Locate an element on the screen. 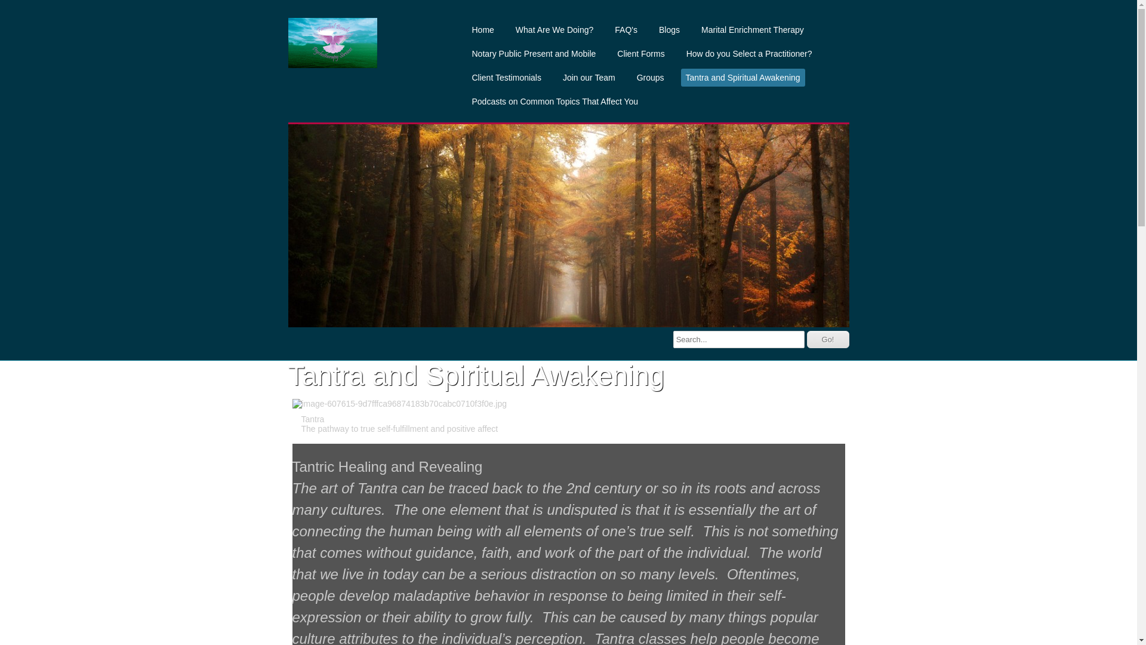  'Notary Public Present and Mobile' is located at coordinates (466, 53).